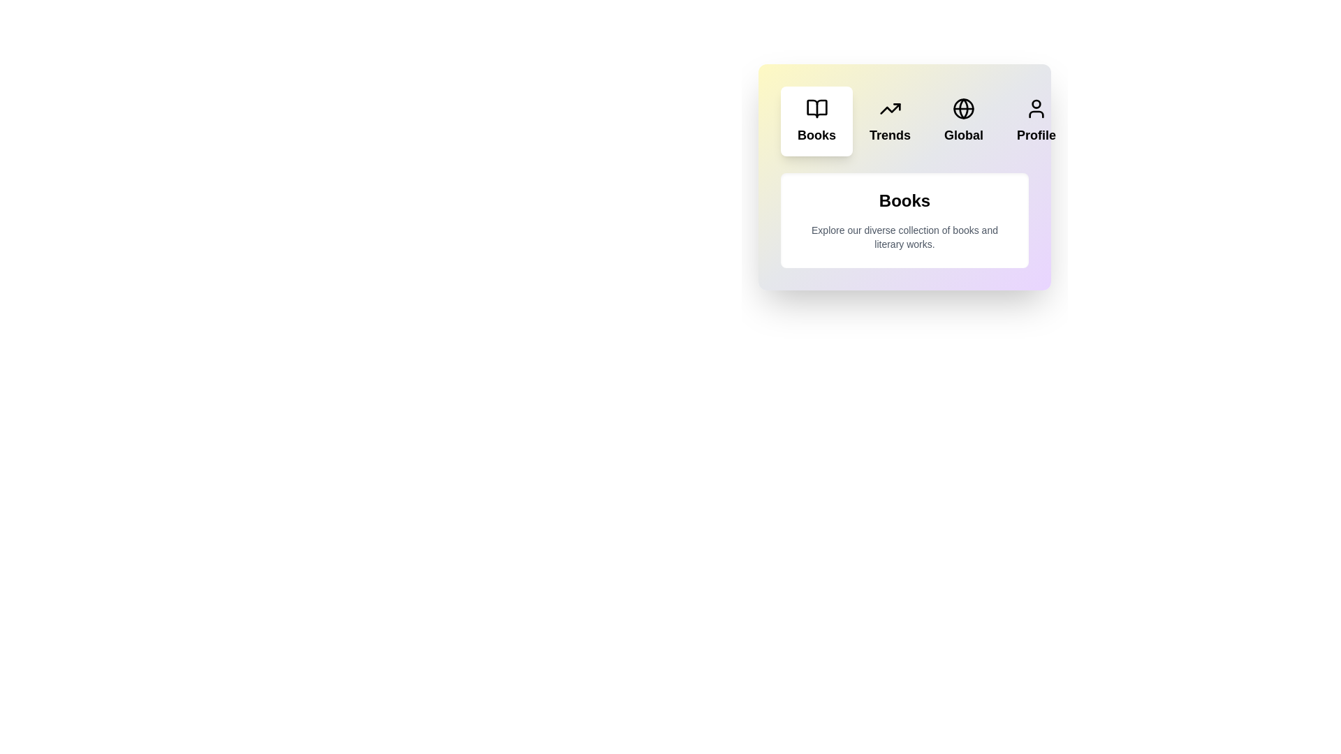 This screenshot has width=1341, height=754. What do you see at coordinates (963, 120) in the screenshot?
I see `the tab labeled Global` at bounding box center [963, 120].